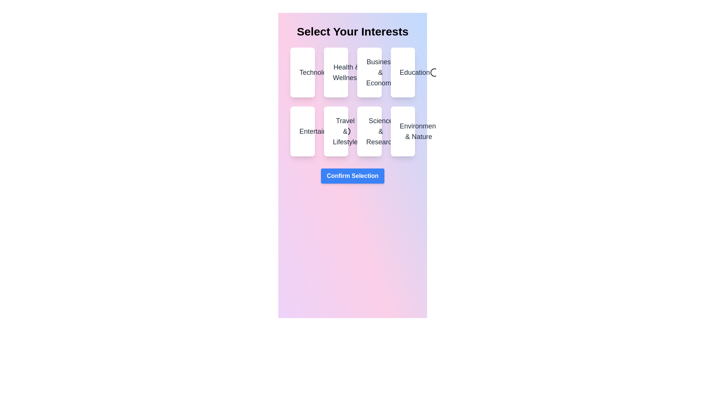 This screenshot has width=725, height=408. What do you see at coordinates (335, 131) in the screenshot?
I see `the category Travel & Lifestyle by clicking on it` at bounding box center [335, 131].